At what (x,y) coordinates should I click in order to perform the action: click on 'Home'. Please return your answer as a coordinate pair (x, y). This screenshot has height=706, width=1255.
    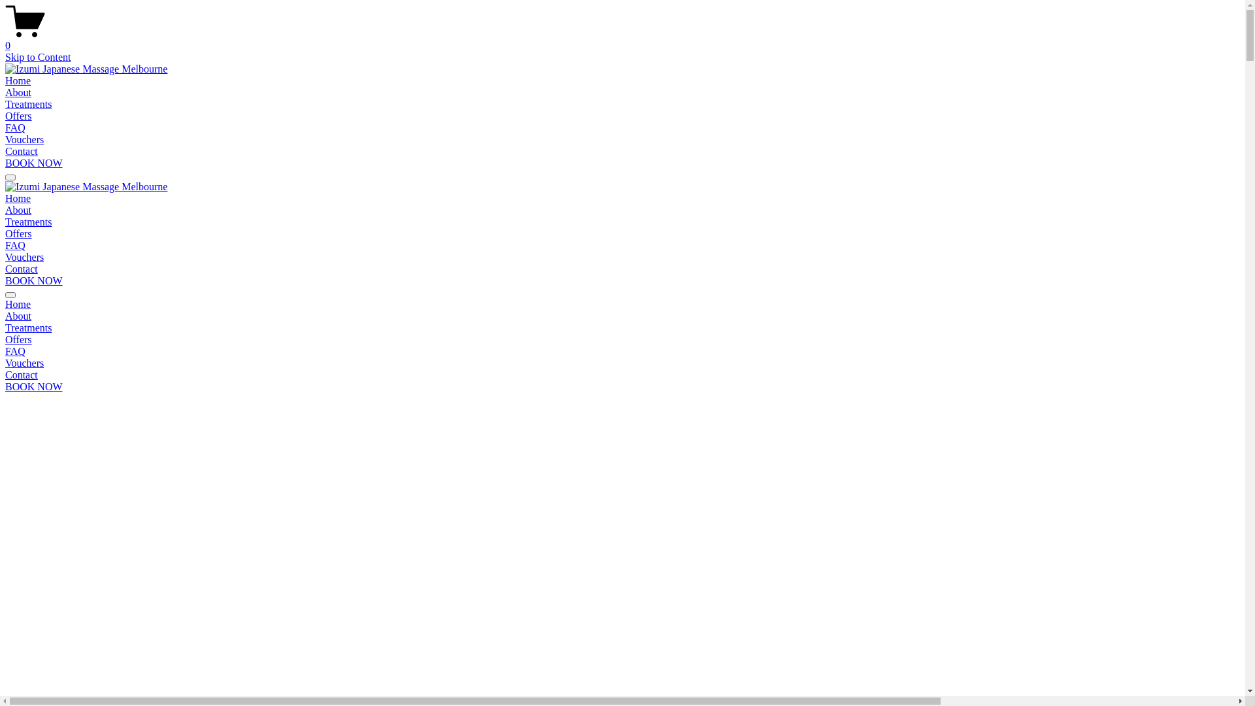
    Looking at the image, I should click on (622, 305).